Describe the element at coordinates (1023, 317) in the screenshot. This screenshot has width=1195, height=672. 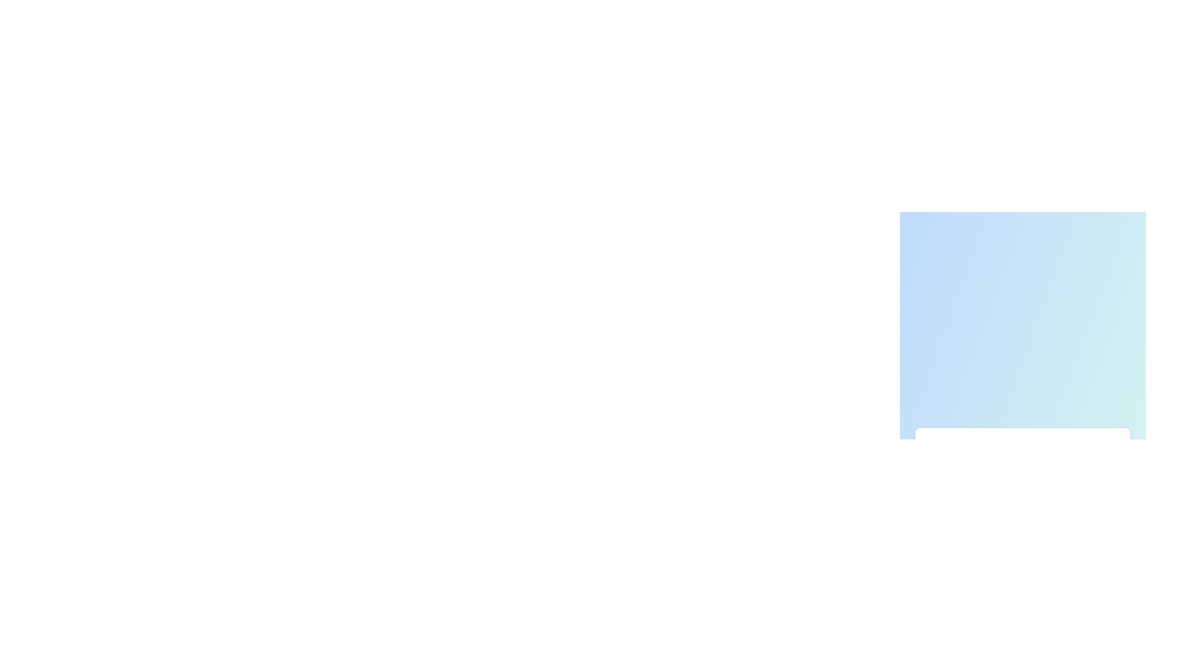
I see `the rectangular panel with a white background and gradient pattern transitioning from light blue to green, located in the top-right section of the interface` at that location.